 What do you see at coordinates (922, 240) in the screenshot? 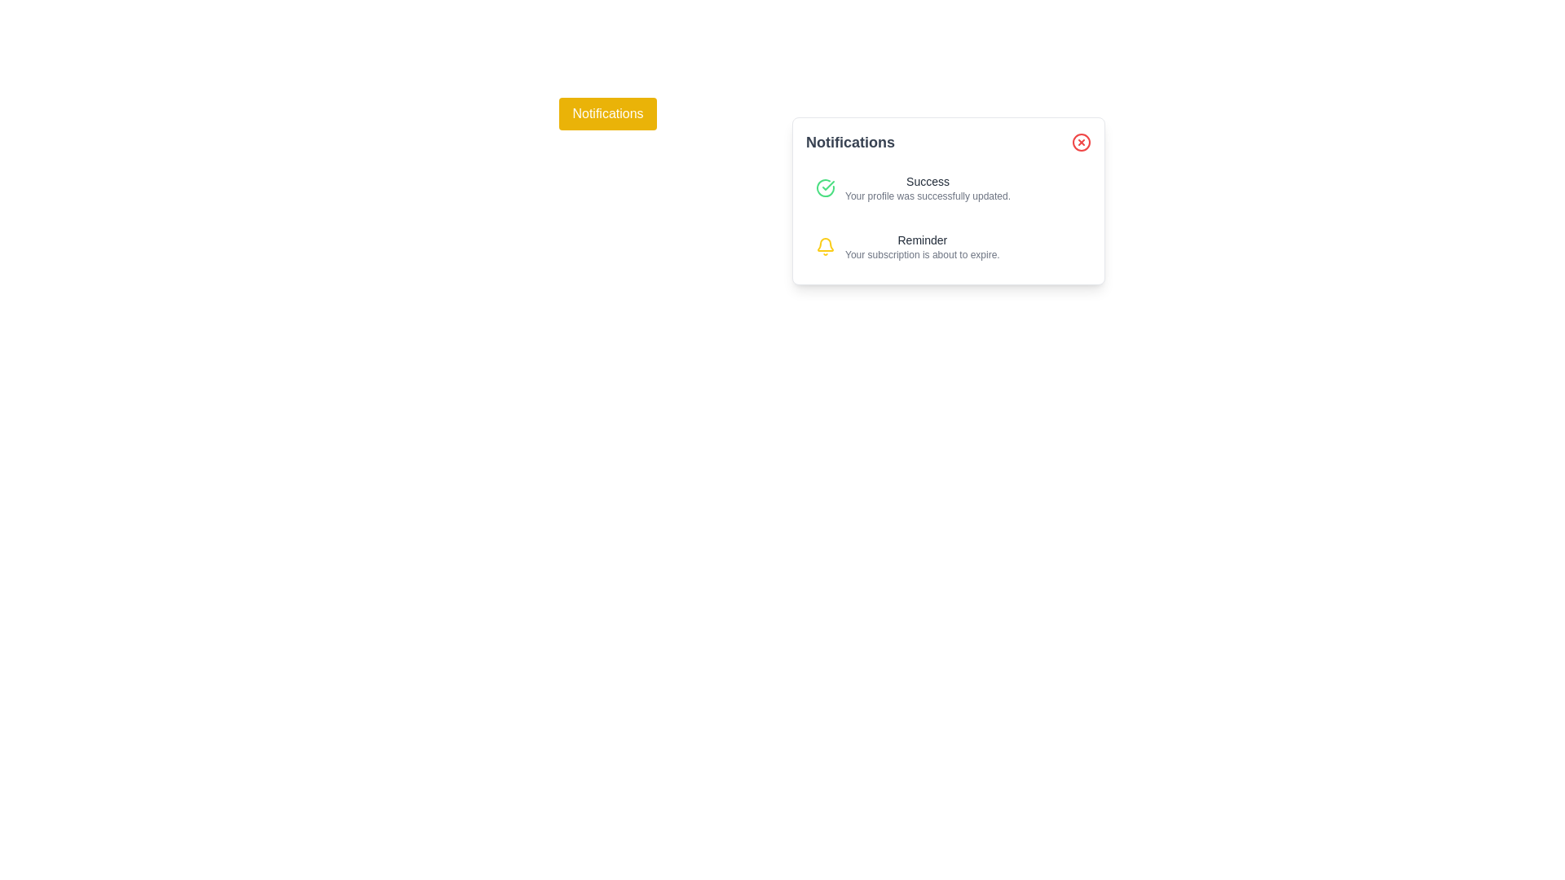
I see `the 'Reminder' text label in the notification box, which is styled simply with a small font size and grayish-black color, positioned as the first line of text in the second notification entry from the top` at bounding box center [922, 240].